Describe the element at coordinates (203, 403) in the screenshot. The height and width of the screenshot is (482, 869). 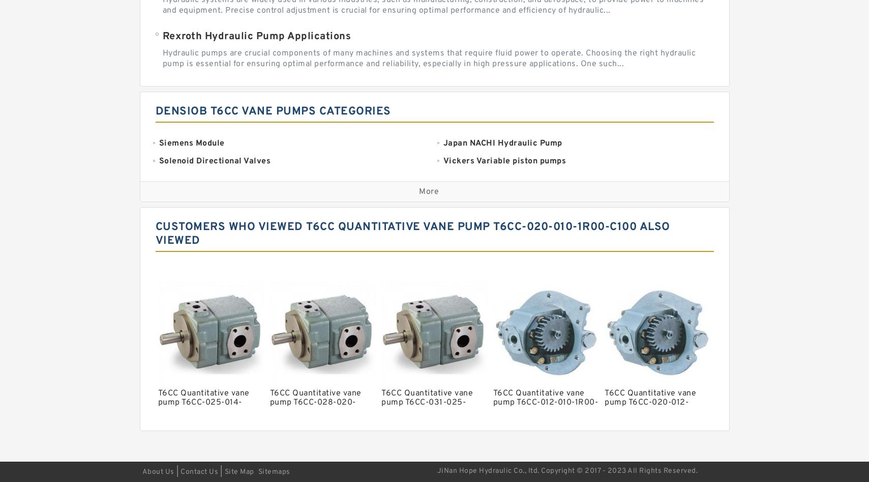
I see `'T6CC Quantitative vane pump T6CC-025-014-1R00-C100'` at that location.